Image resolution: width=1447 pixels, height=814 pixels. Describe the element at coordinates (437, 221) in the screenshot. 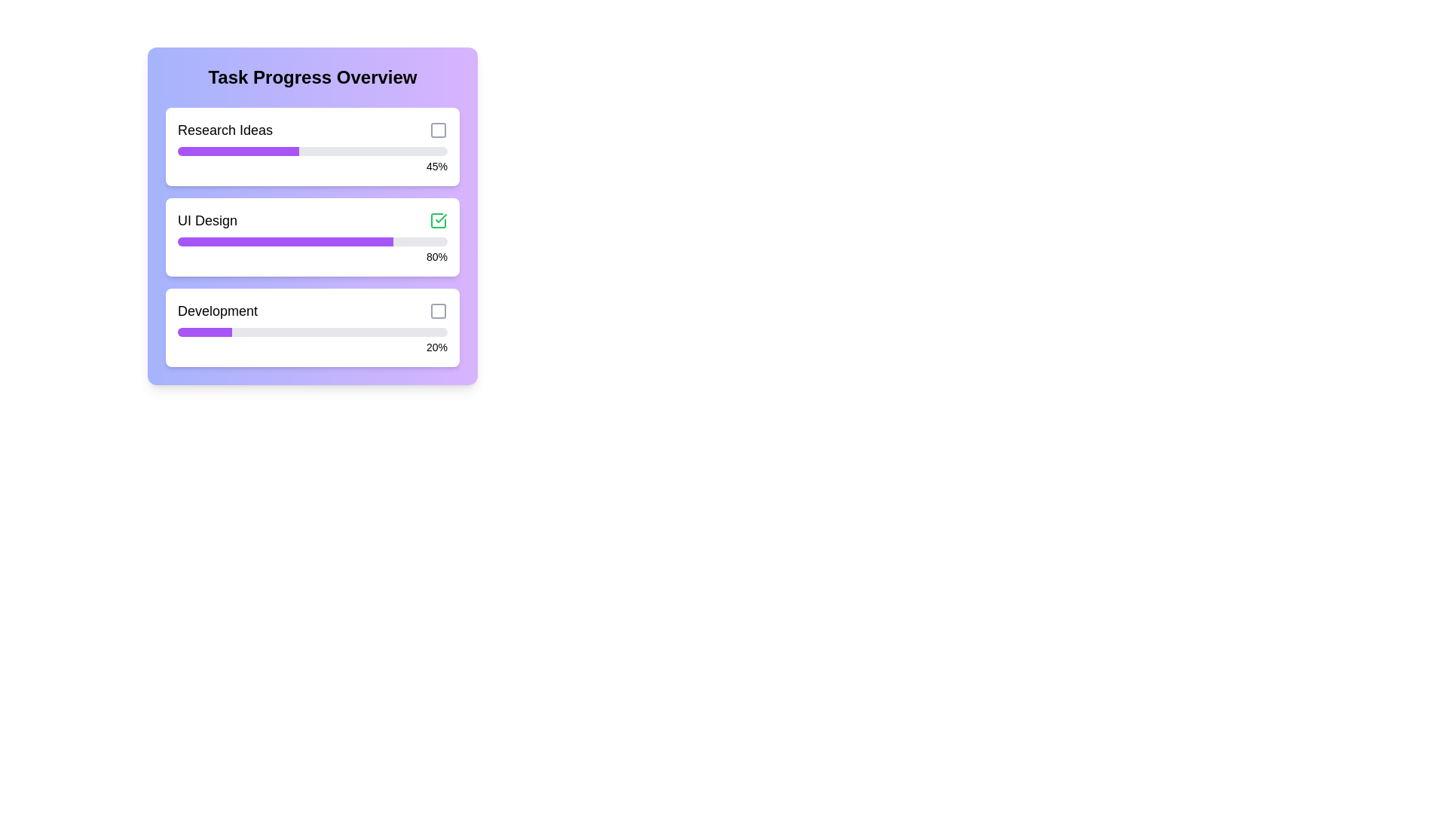

I see `the status indicator icon with a checkmark inside, located to the right of the 'UI Design' text label in the task progress widget` at that location.